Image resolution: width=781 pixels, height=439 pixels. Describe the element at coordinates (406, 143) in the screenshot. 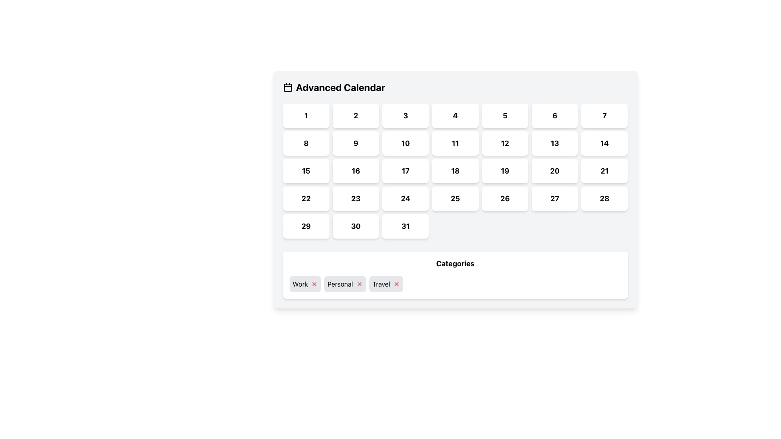

I see `the calendar cell button displaying the number '10'` at that location.